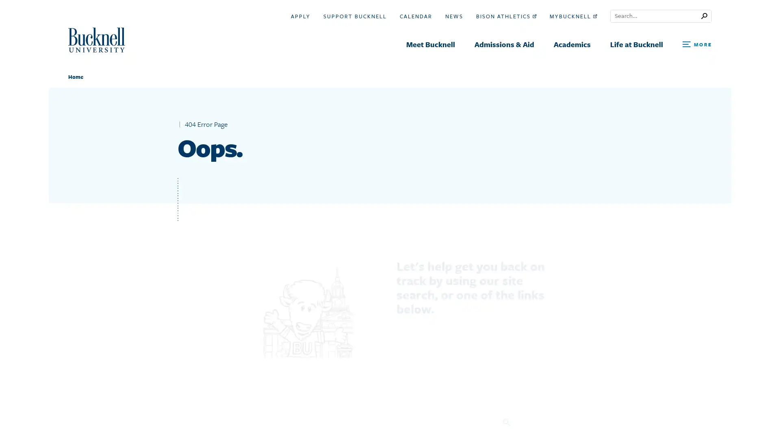  I want to click on Open Search and Additional Links, so click(697, 44).